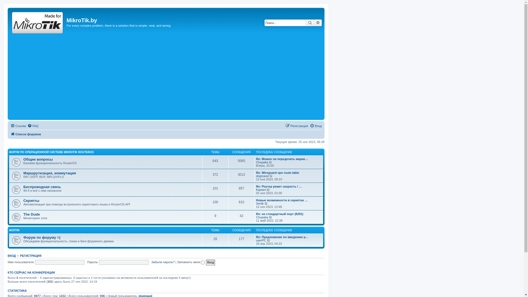 This screenshot has width=528, height=297. Describe the element at coordinates (277, 172) in the screenshot. I see `'Re: Wireguard vpn route table'` at that location.